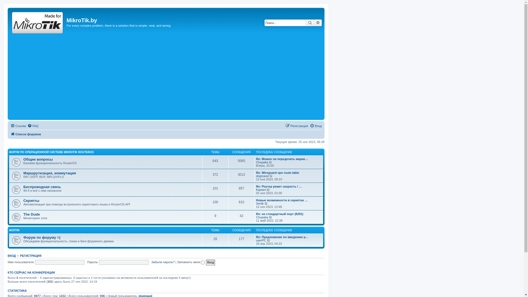 This screenshot has width=528, height=297. Describe the element at coordinates (277, 172) in the screenshot. I see `'Re: Wireguard vpn route table'` at that location.